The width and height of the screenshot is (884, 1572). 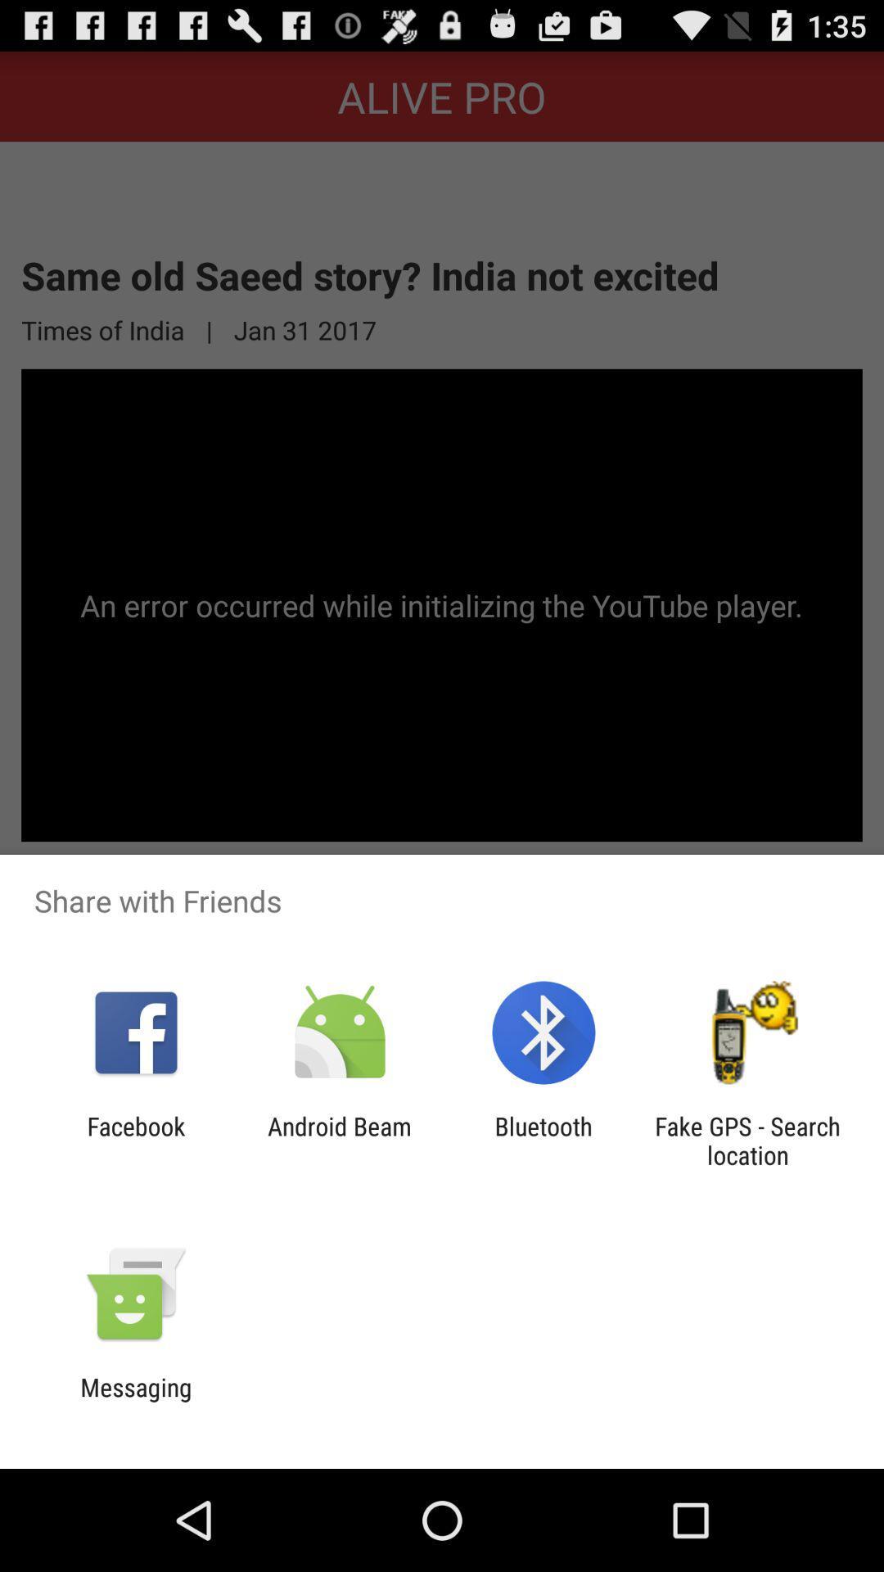 What do you see at coordinates (339, 1140) in the screenshot?
I see `android beam icon` at bounding box center [339, 1140].